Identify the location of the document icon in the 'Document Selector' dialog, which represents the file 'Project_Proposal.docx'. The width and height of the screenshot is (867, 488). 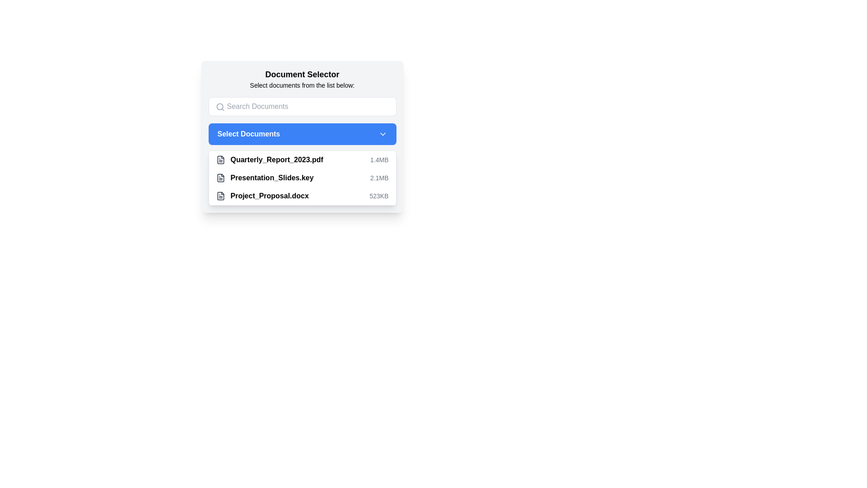
(220, 196).